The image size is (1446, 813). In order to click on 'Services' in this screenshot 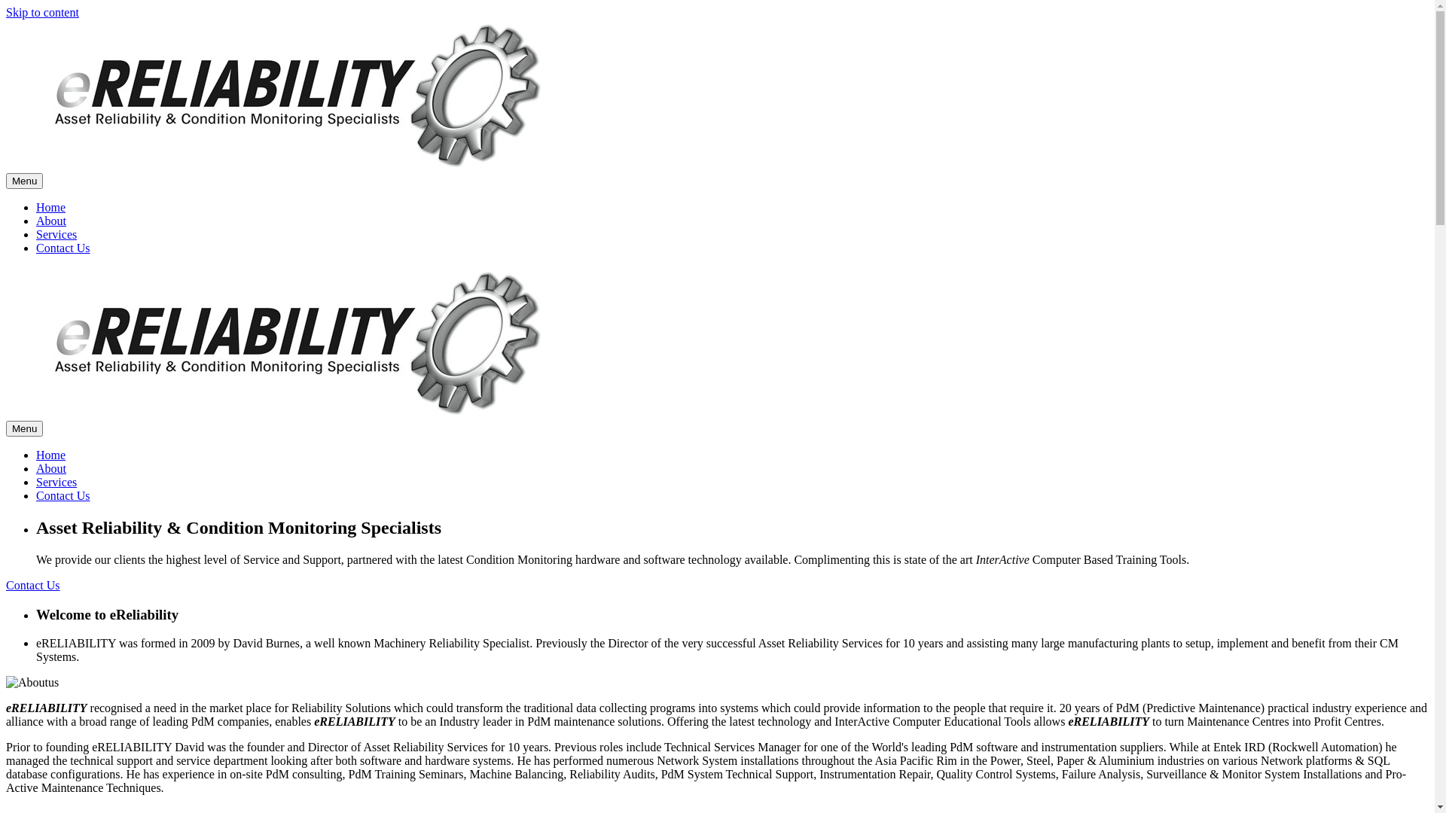, I will do `click(56, 482)`.